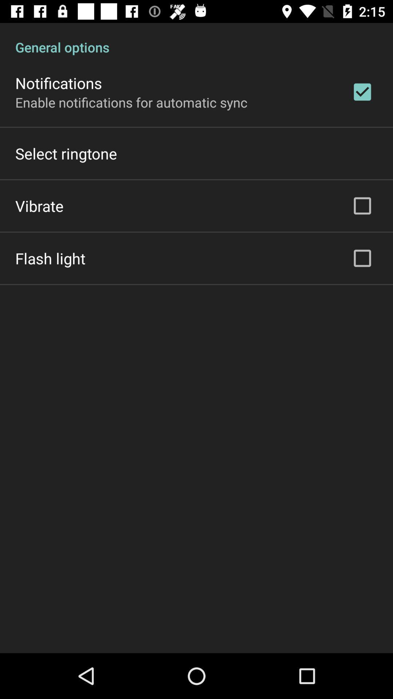 Image resolution: width=393 pixels, height=699 pixels. I want to click on item below the vibrate item, so click(50, 258).